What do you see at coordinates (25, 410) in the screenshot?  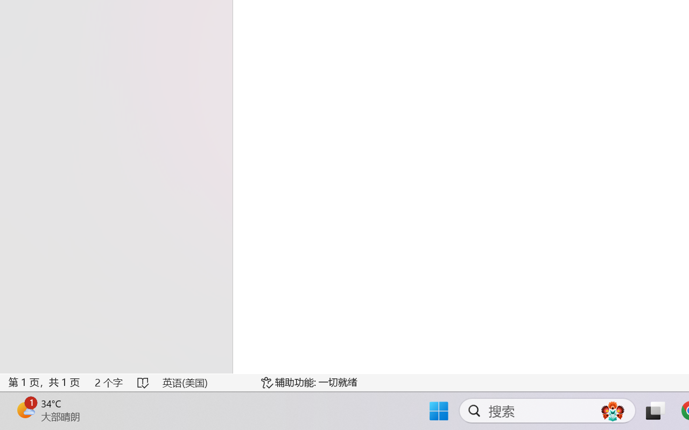 I see `'AutomationID: BadgeAnchorLargeTicker'` at bounding box center [25, 410].